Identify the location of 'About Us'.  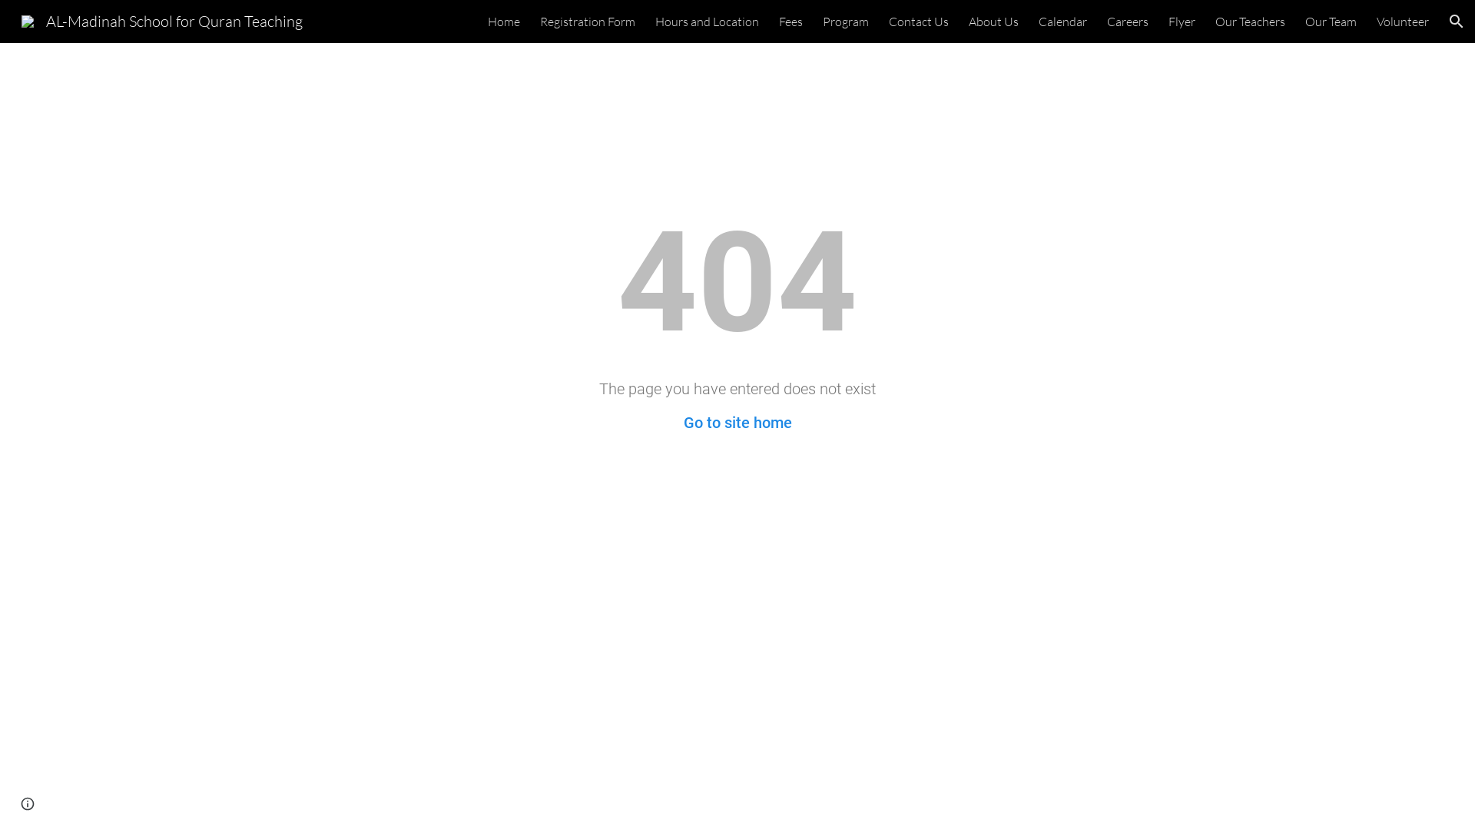
(993, 21).